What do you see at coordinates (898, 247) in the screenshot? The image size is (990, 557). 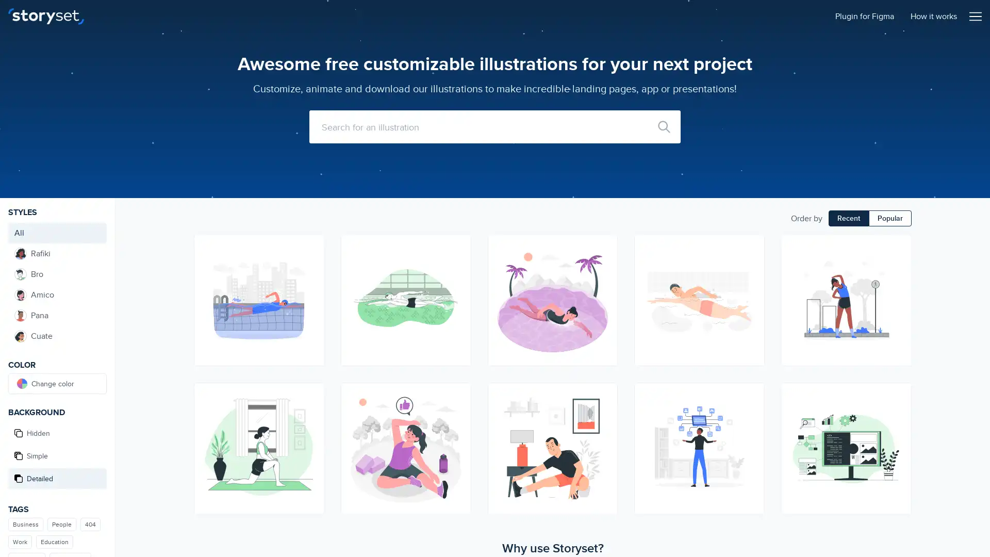 I see `wand icon Animate` at bounding box center [898, 247].